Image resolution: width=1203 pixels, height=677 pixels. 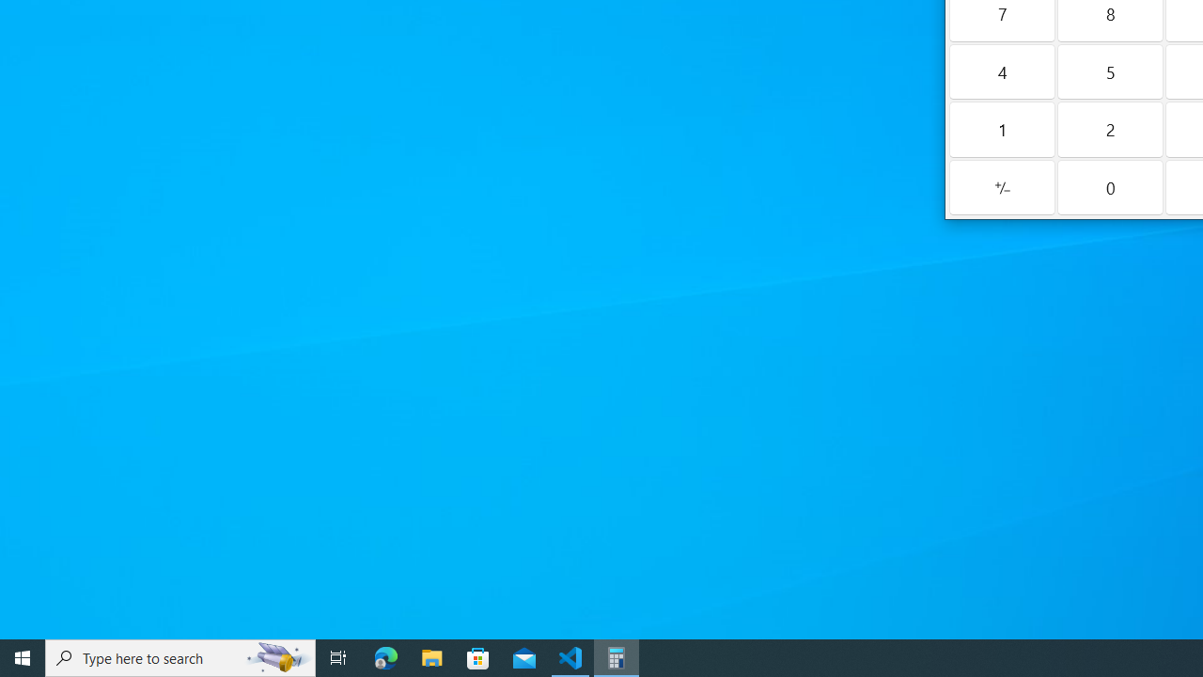 What do you see at coordinates (431, 656) in the screenshot?
I see `'File Explorer'` at bounding box center [431, 656].